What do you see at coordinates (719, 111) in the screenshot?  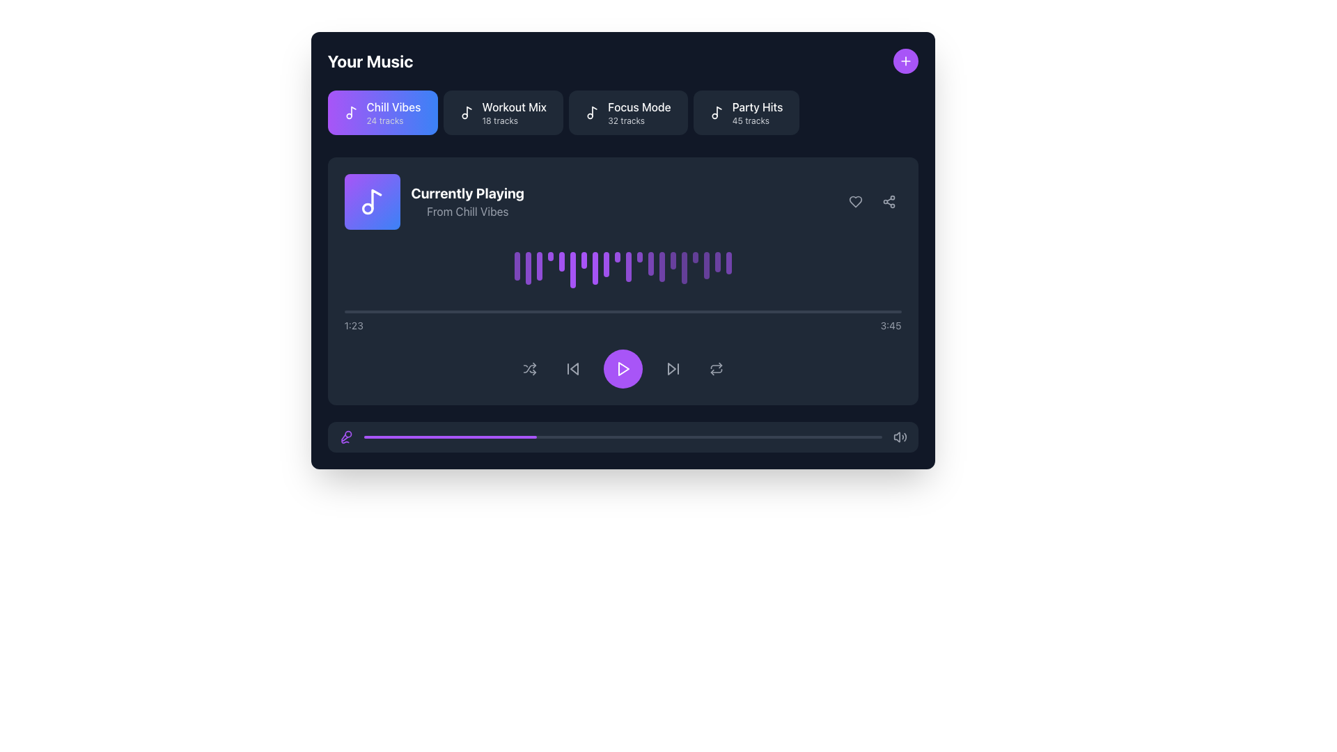 I see `the vertical segment of the music note icon located in the top-right corner of the main interface within the 'Party Hits' button` at bounding box center [719, 111].